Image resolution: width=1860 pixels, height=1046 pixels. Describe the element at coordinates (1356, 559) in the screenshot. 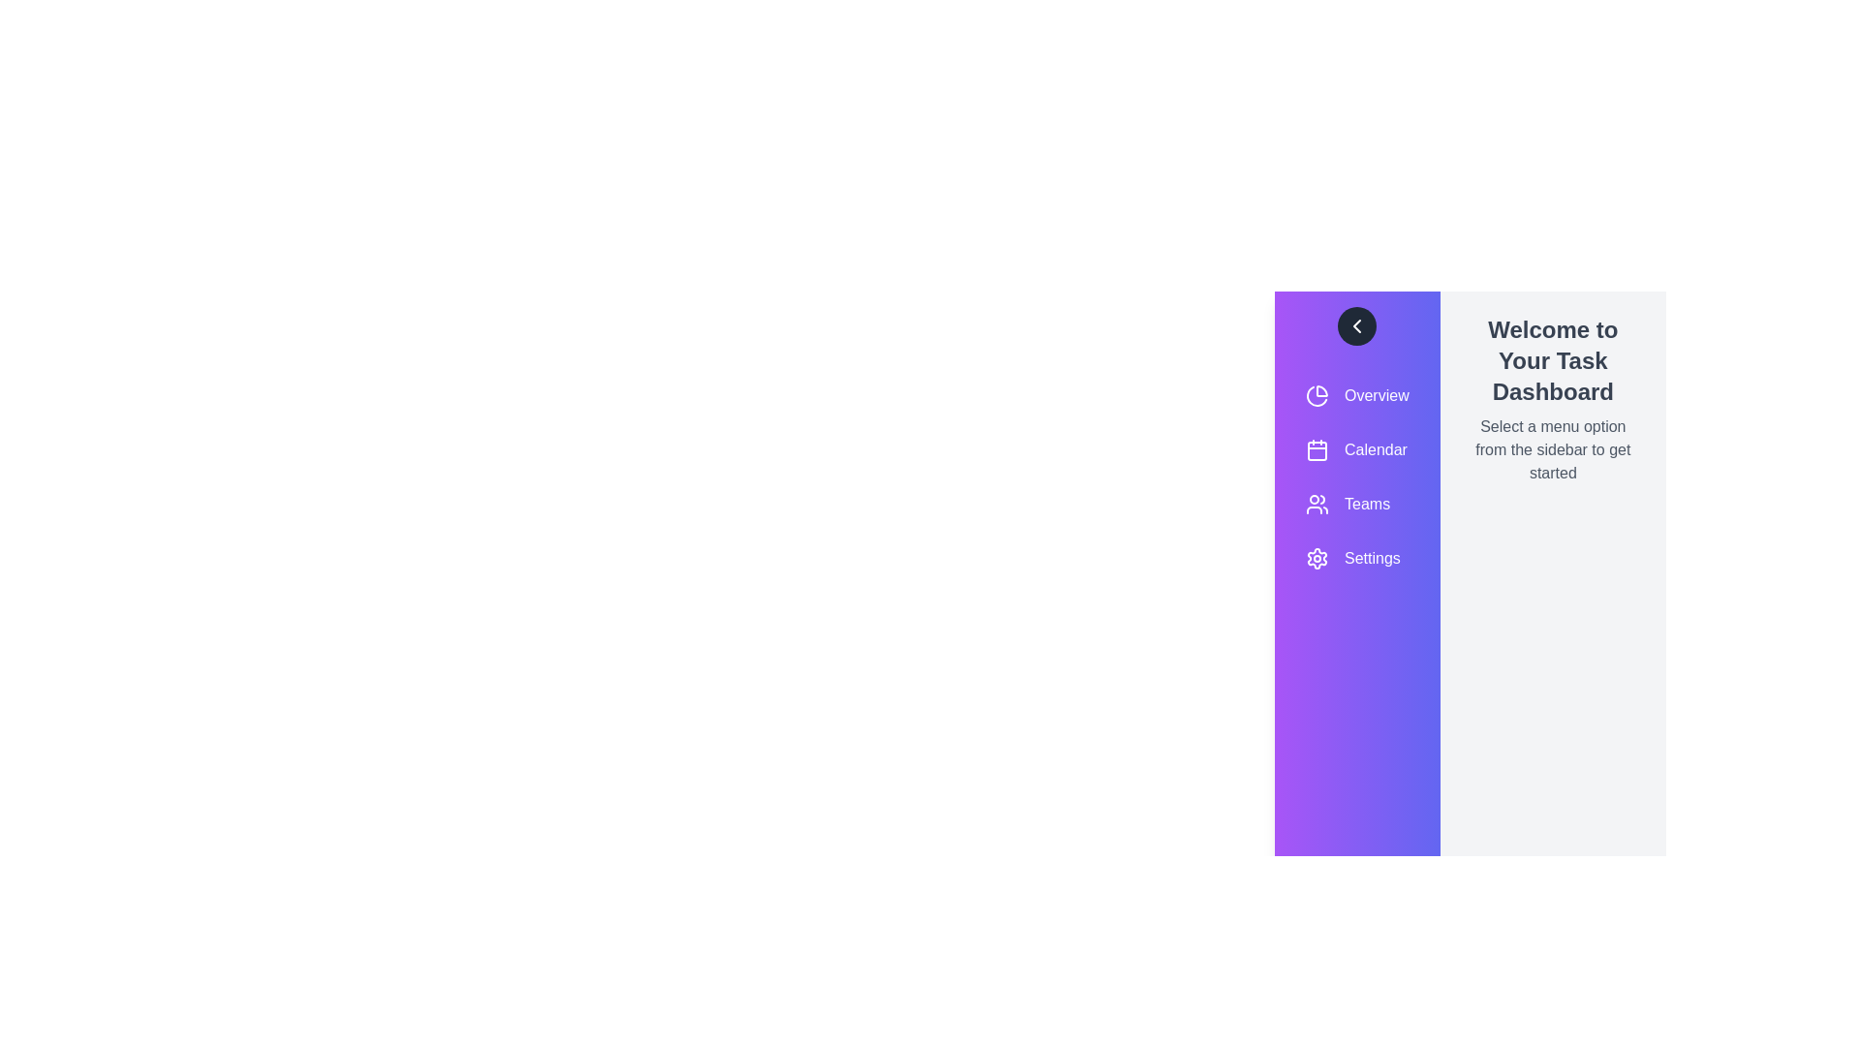

I see `the menu item Settings from the sidebar` at that location.